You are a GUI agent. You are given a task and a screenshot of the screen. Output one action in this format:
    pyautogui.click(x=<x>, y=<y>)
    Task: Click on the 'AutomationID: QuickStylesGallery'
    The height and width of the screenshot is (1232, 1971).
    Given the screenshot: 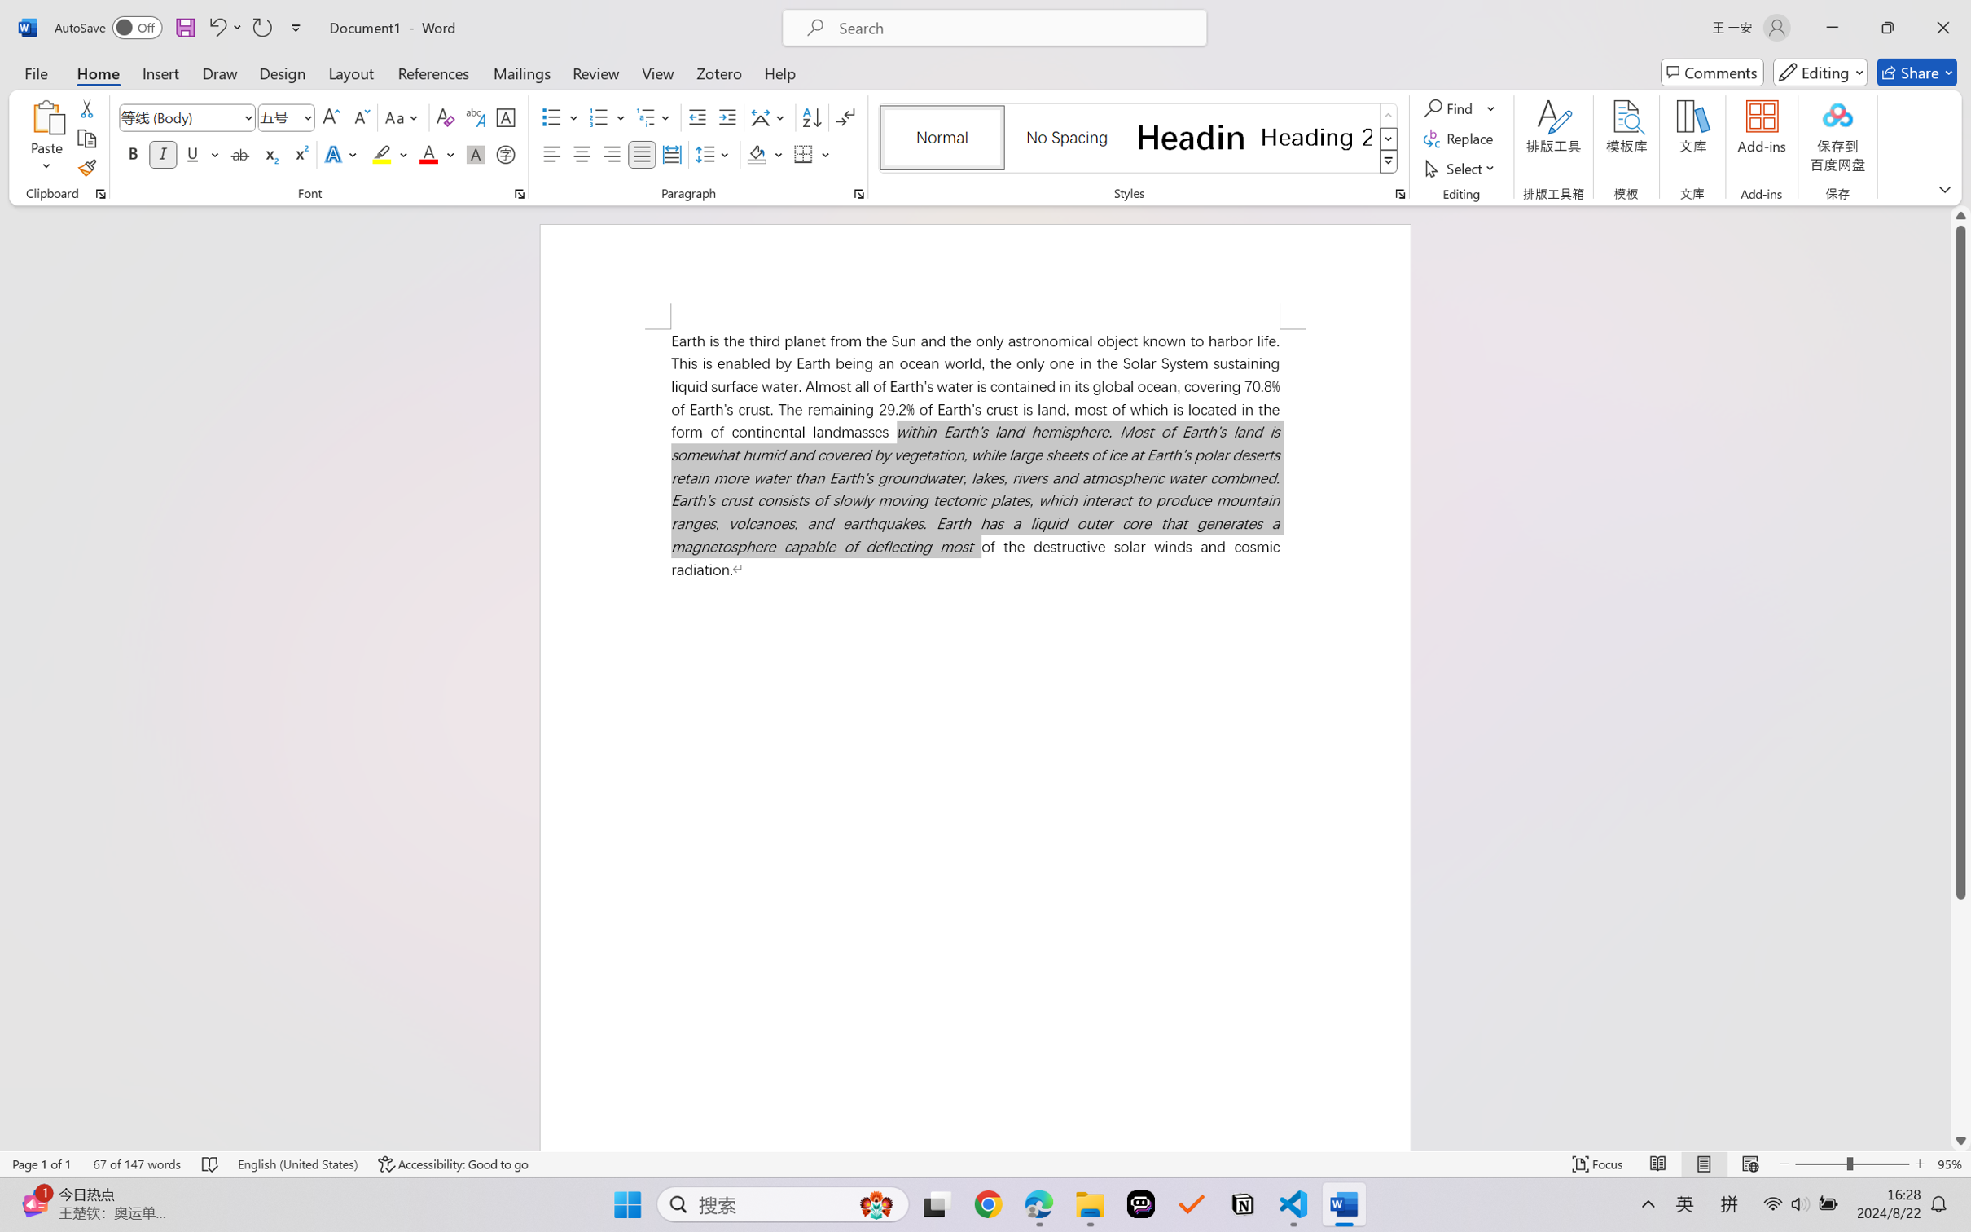 What is the action you would take?
    pyautogui.click(x=1138, y=139)
    